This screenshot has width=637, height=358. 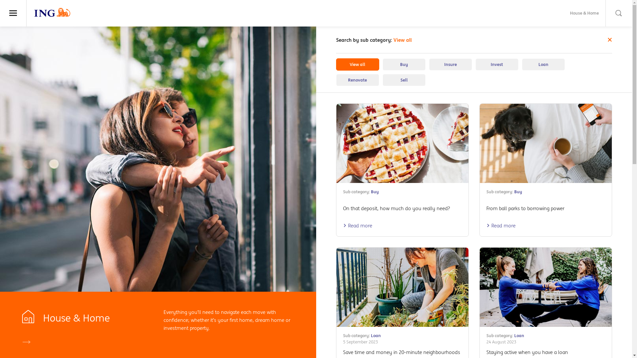 I want to click on 'ING Blog', so click(x=52, y=12).